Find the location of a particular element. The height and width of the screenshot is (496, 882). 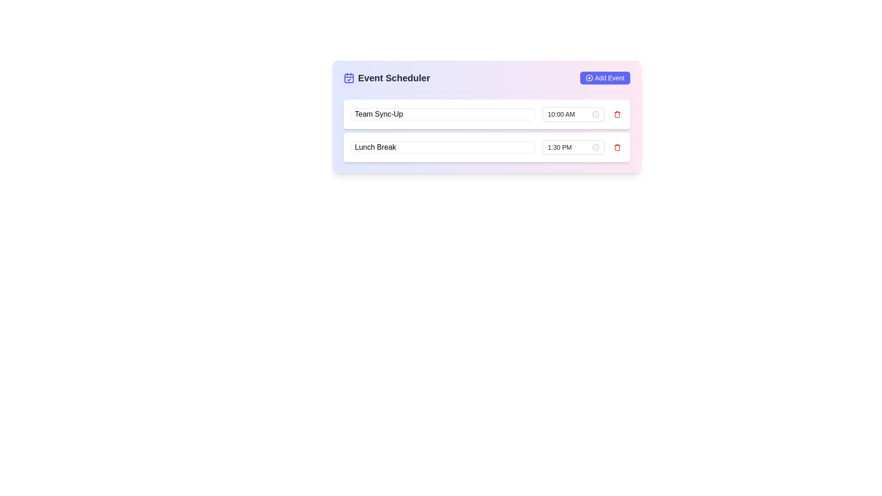

the Time picker input field for the 'Lunch Break' event is located at coordinates (573, 147).